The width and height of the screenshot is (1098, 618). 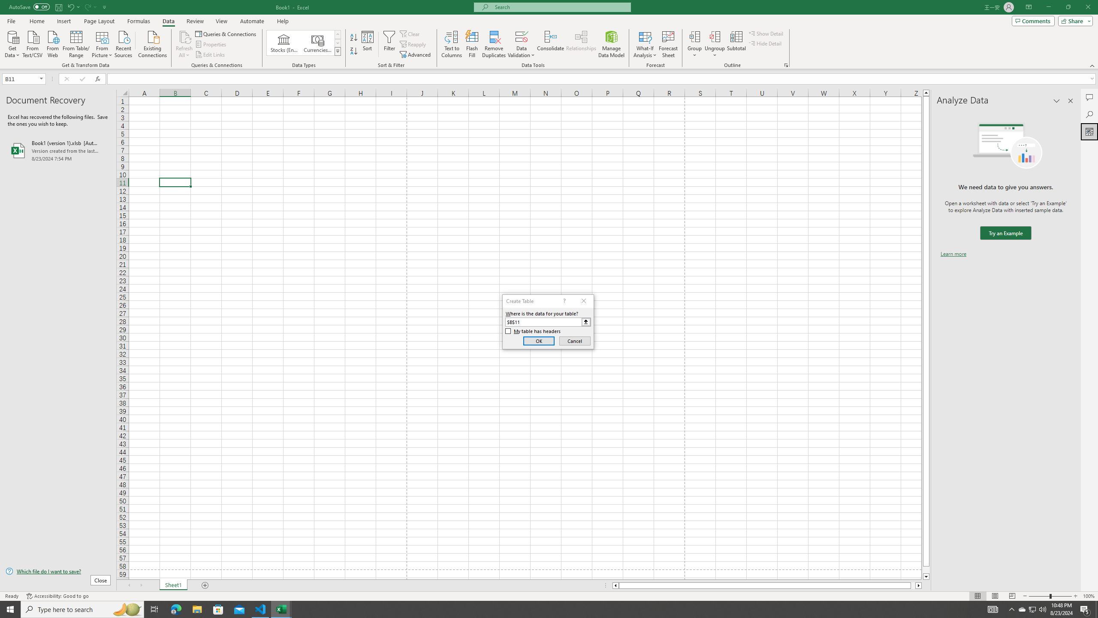 What do you see at coordinates (12, 43) in the screenshot?
I see `'Get Data'` at bounding box center [12, 43].